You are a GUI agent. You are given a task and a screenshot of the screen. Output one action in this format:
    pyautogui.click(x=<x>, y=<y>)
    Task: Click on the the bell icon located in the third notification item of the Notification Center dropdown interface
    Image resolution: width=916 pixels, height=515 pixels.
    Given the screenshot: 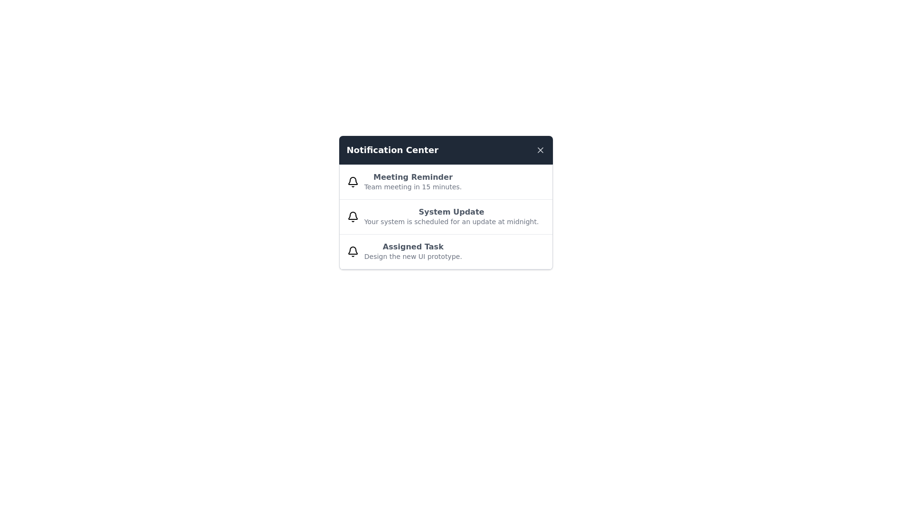 What is the action you would take?
    pyautogui.click(x=352, y=251)
    